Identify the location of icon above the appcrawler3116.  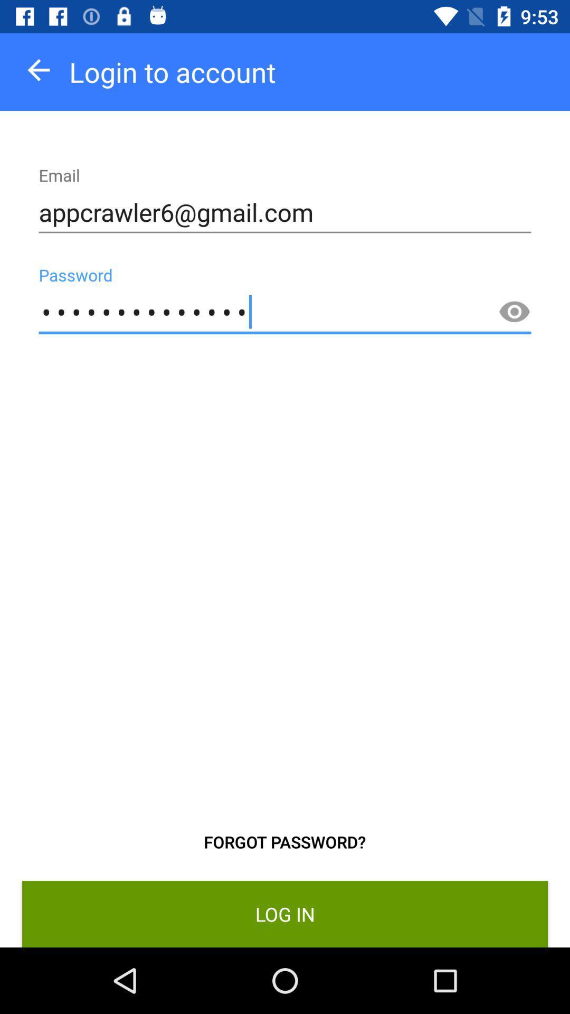
(285, 212).